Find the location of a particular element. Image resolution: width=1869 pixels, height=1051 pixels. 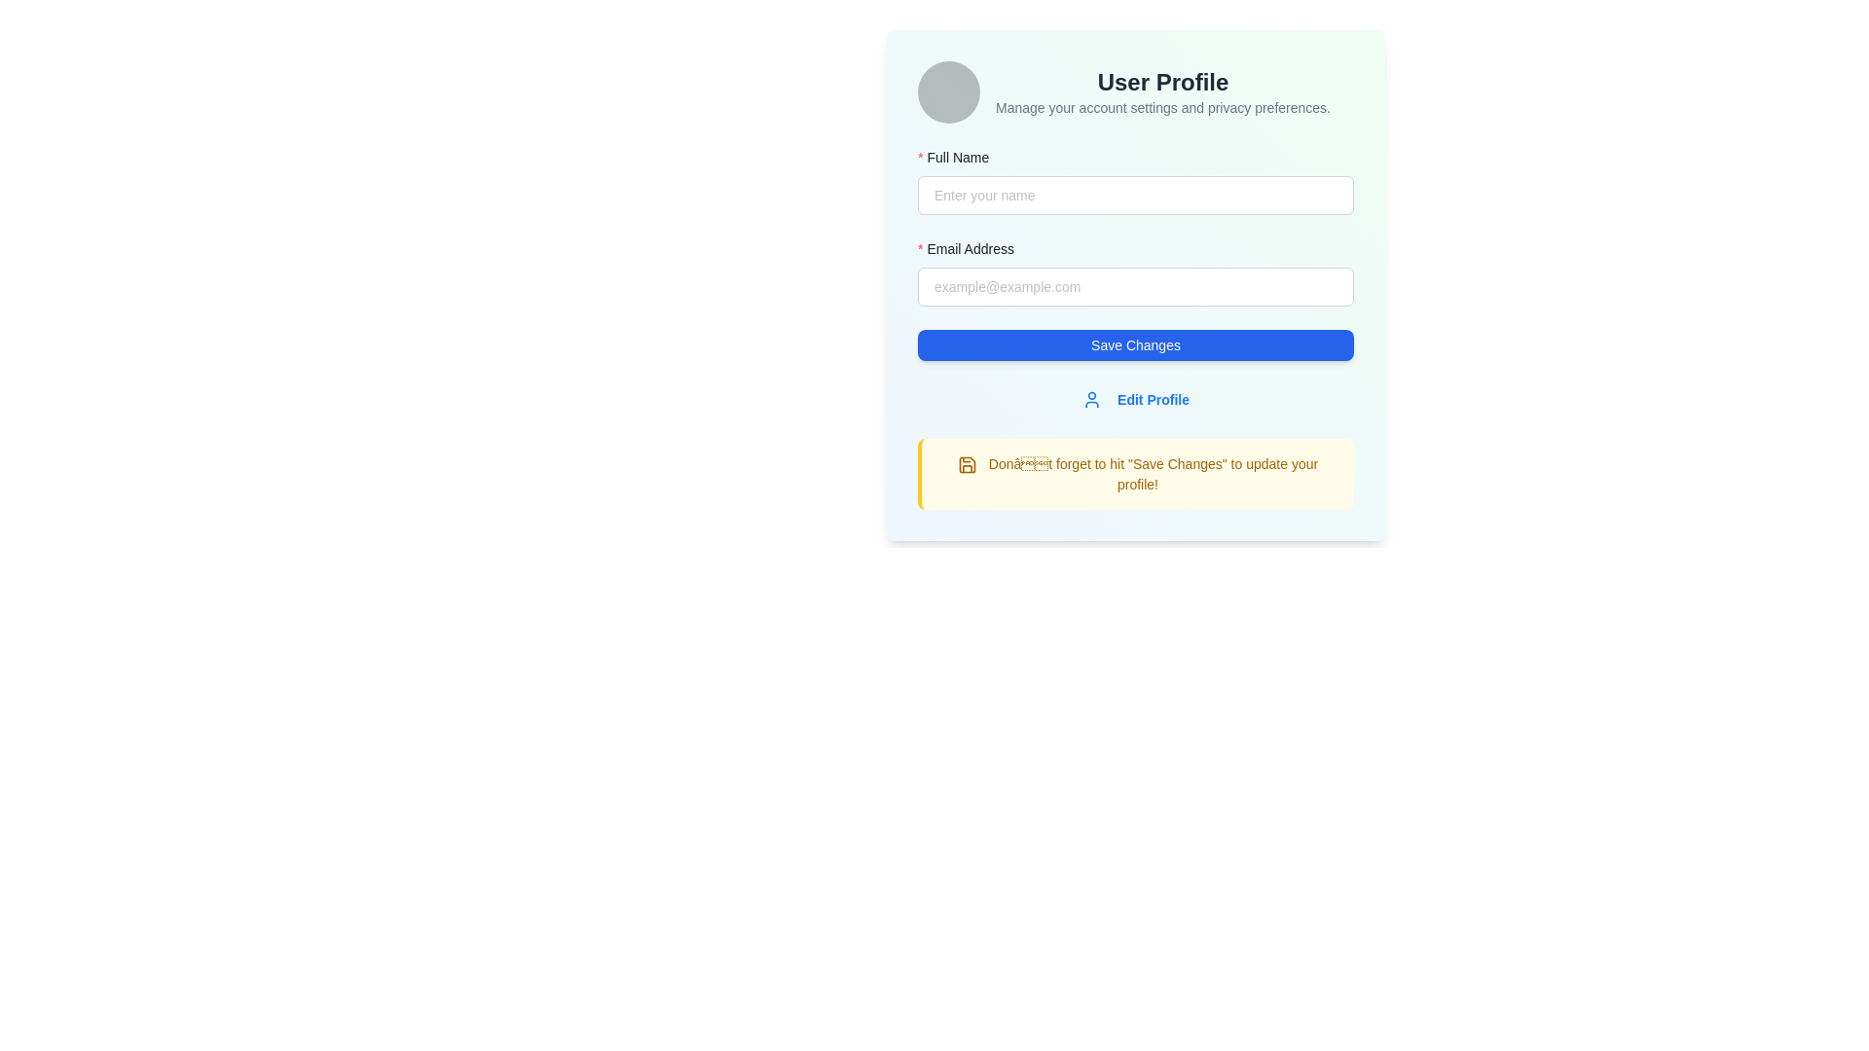

the button located in the 'Profile Settings' area, which allows the user is located at coordinates (1135, 399).